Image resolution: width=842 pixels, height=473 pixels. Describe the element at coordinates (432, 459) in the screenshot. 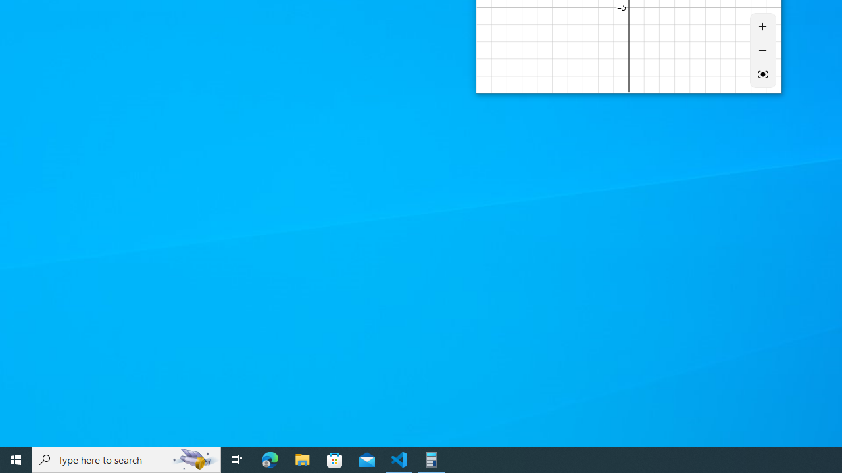

I see `'Calculator - 1 running window'` at that location.